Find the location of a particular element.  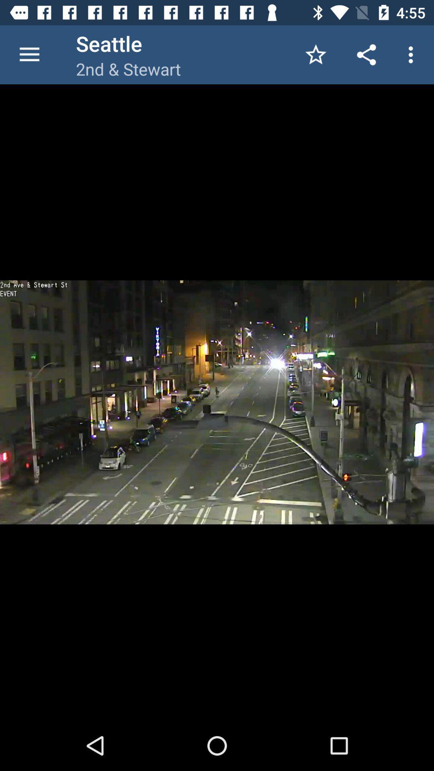

item next to 2nd & stewart icon is located at coordinates (315, 54).